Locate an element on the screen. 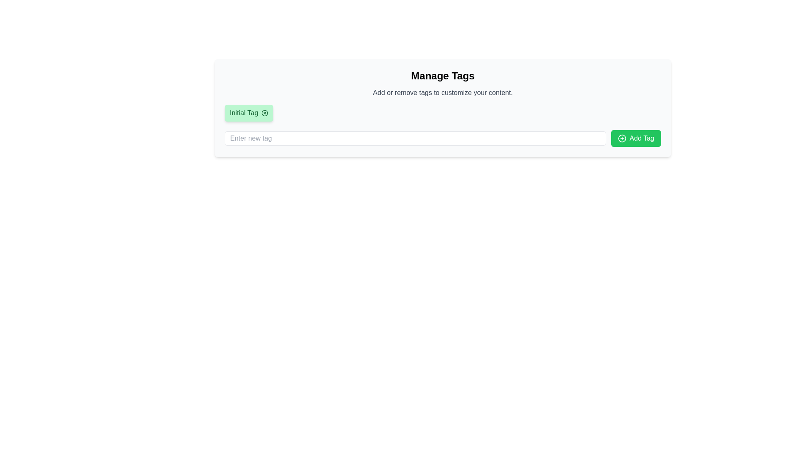  the text block containing the heading 'Manage Tags' and the description 'Add or remove tags to customize your content.' is located at coordinates (442, 83).